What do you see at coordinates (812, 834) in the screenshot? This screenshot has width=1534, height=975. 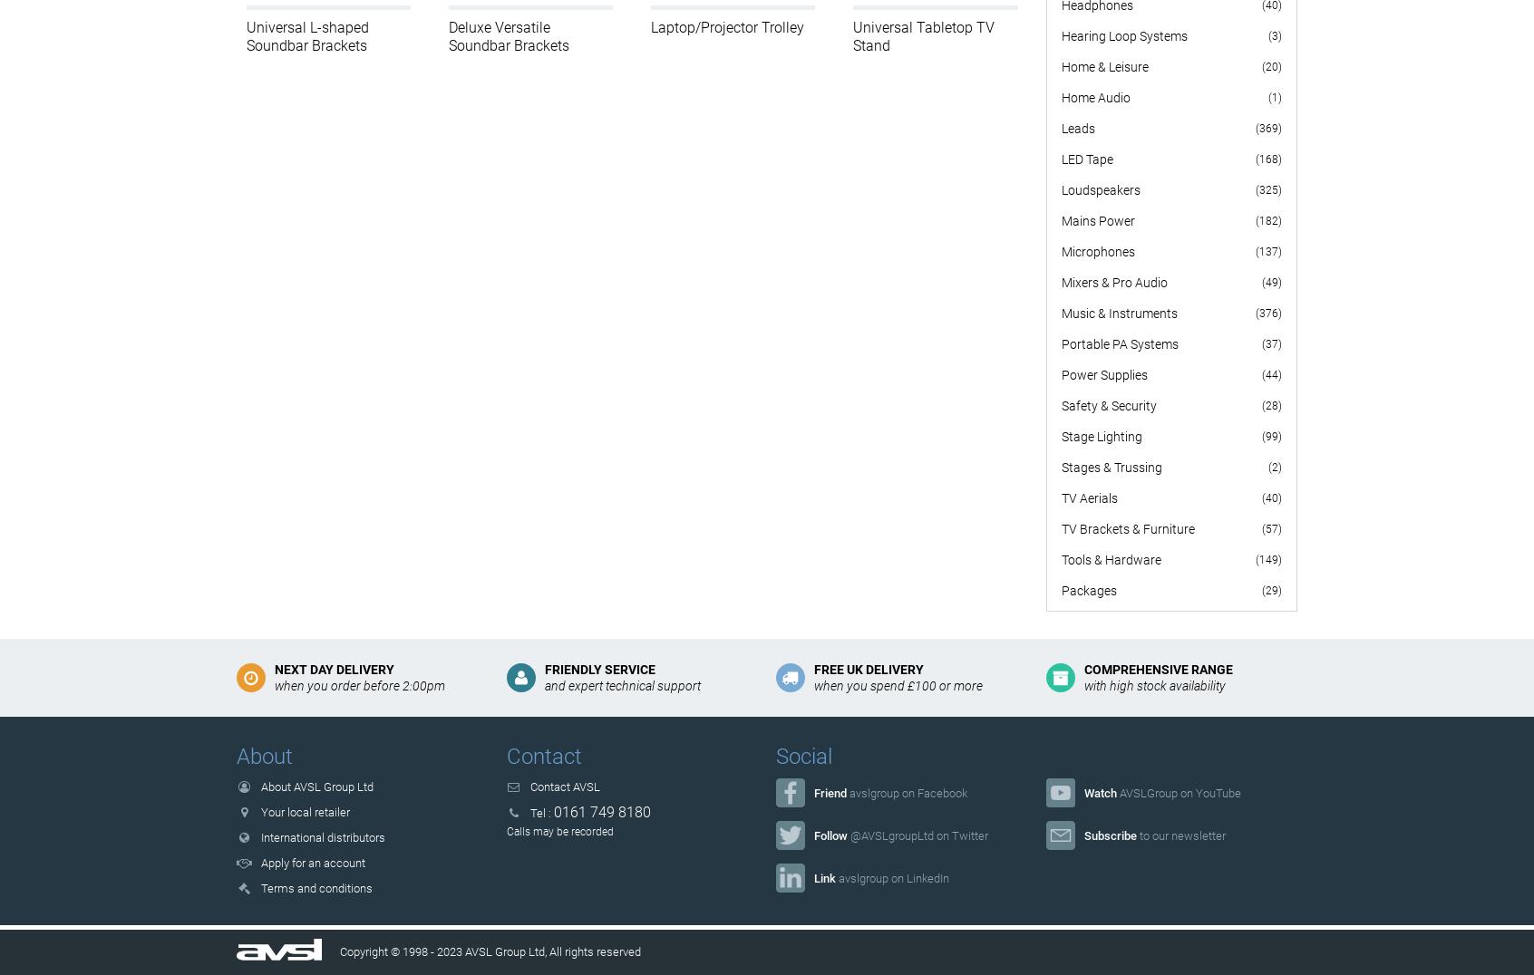 I see `'Follow'` at bounding box center [812, 834].